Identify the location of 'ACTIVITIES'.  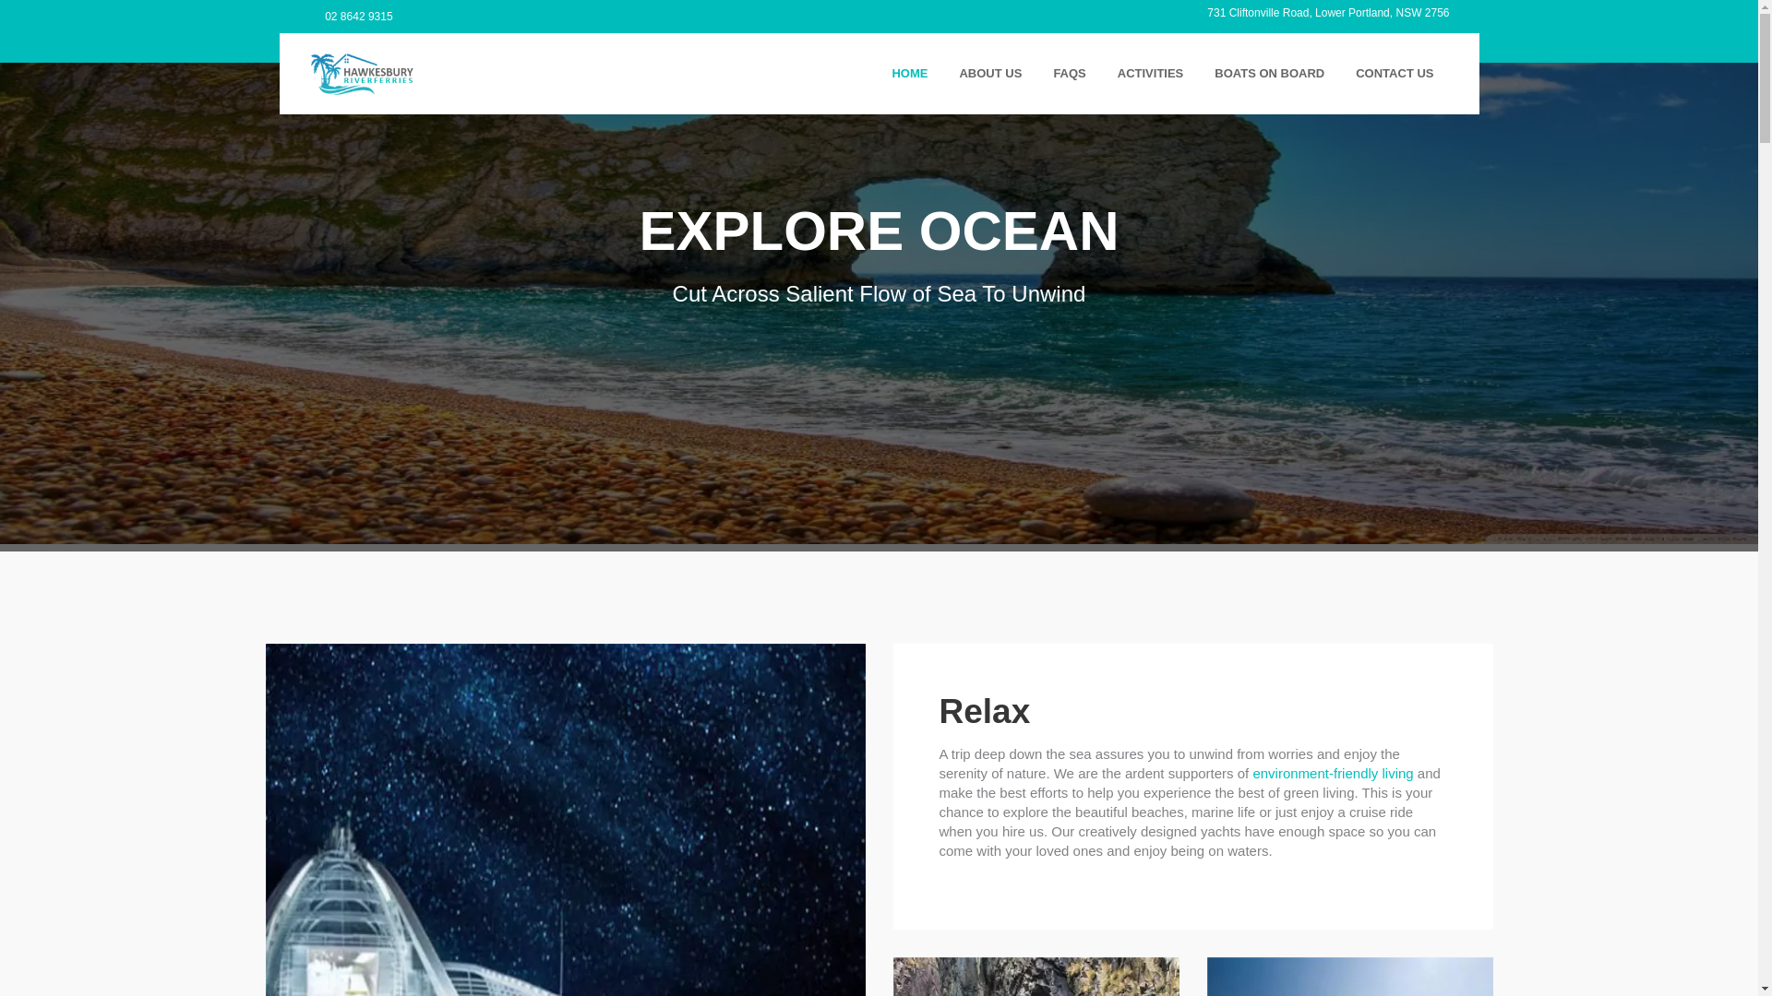
(1150, 73).